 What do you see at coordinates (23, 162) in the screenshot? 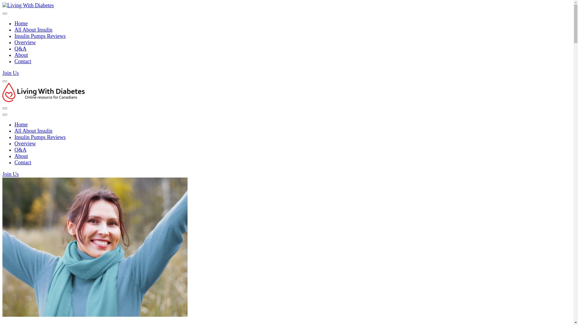
I see `'Contact'` at bounding box center [23, 162].